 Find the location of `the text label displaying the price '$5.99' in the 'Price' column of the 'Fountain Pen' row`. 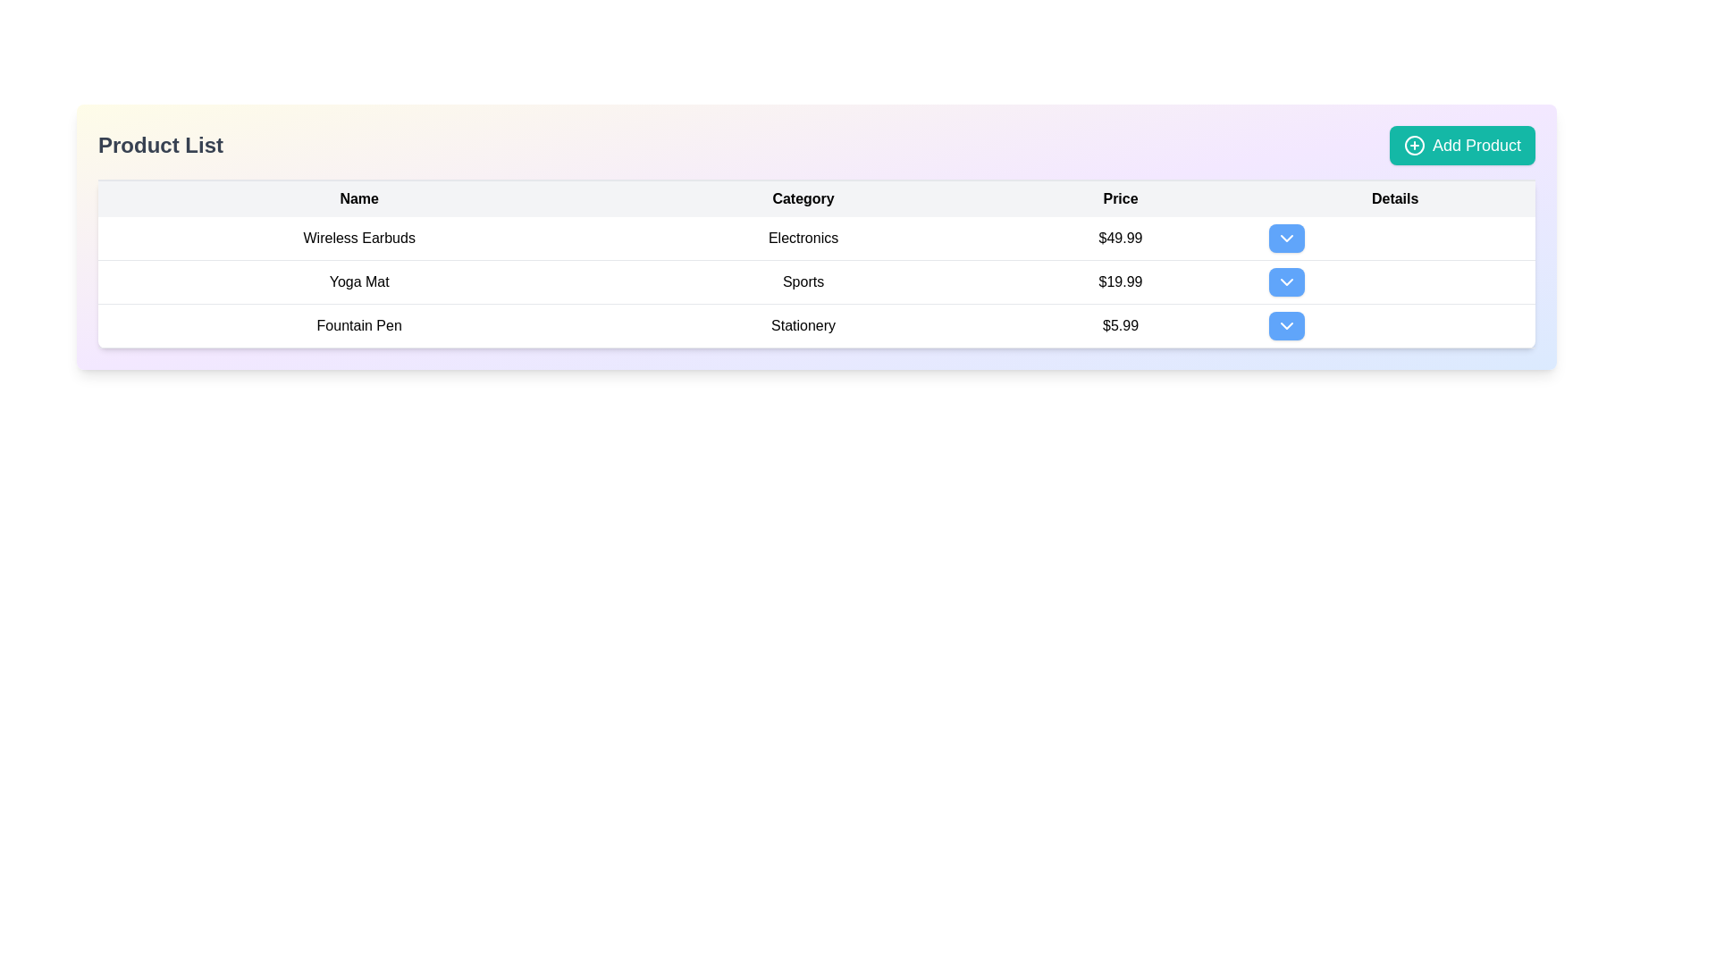

the text label displaying the price '$5.99' in the 'Price' column of the 'Fountain Pen' row is located at coordinates (1119, 326).